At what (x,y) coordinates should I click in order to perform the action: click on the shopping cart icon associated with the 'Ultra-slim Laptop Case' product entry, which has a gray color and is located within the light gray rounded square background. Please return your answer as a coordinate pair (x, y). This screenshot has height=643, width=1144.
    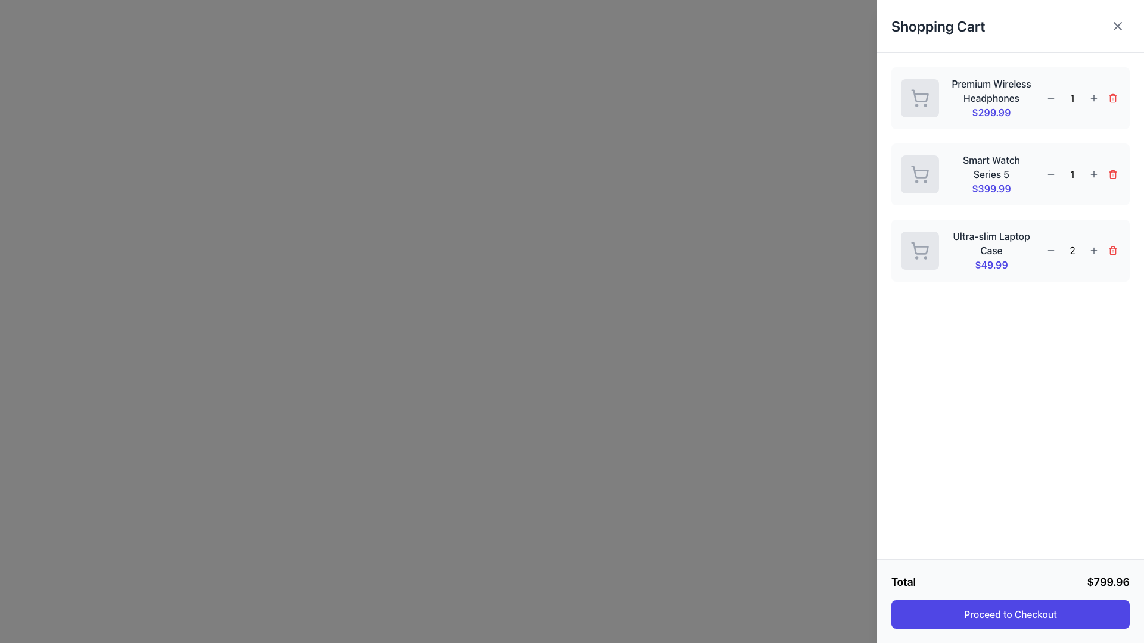
    Looking at the image, I should click on (919, 249).